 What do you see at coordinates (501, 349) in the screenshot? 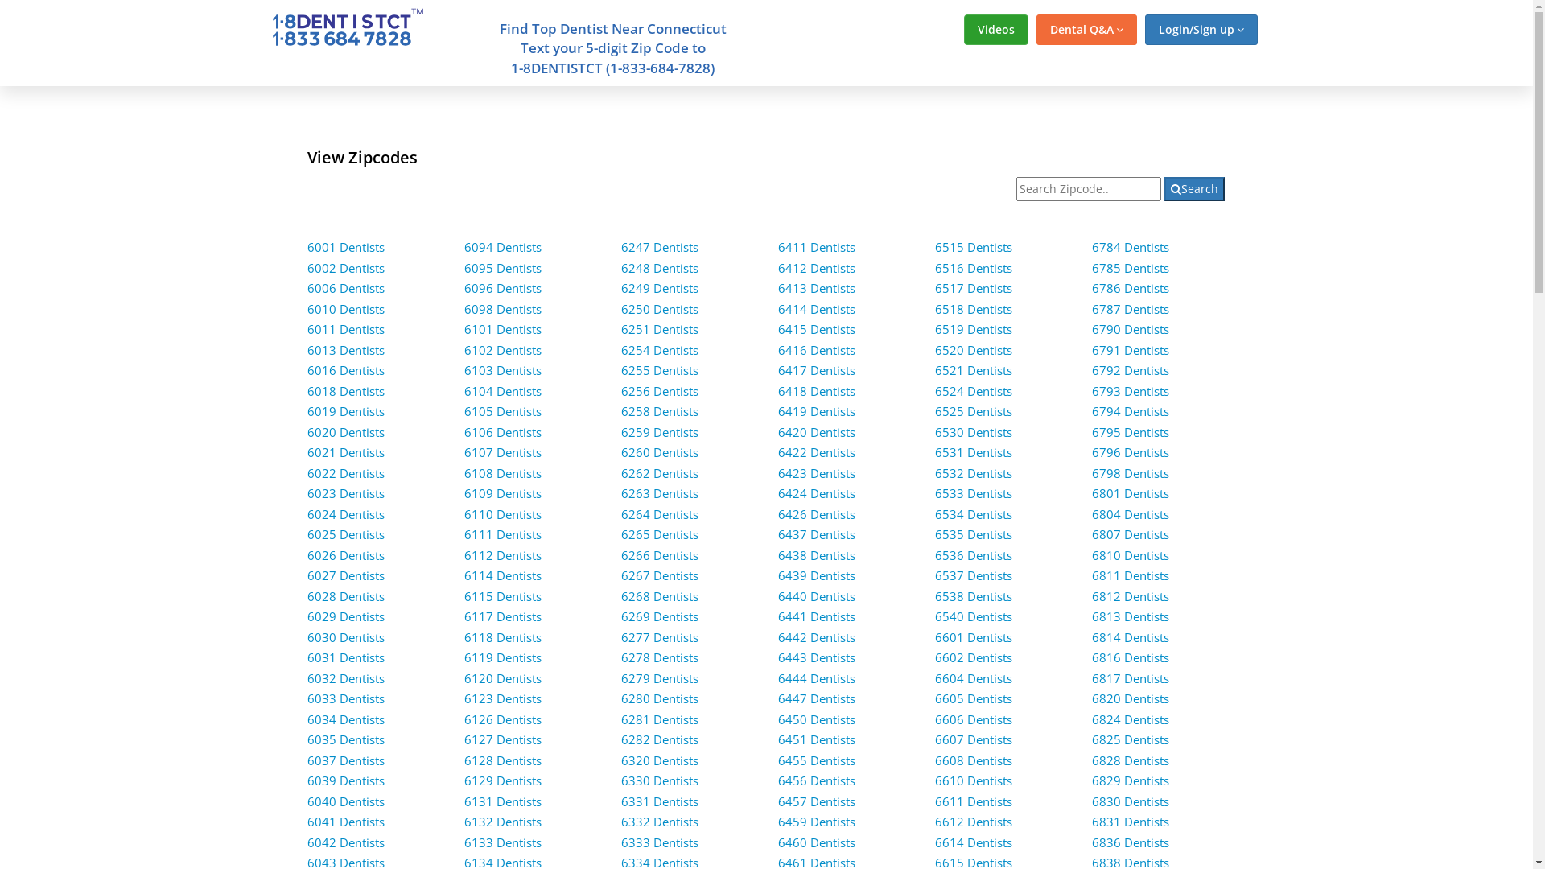
I see `'6102 Dentists'` at bounding box center [501, 349].